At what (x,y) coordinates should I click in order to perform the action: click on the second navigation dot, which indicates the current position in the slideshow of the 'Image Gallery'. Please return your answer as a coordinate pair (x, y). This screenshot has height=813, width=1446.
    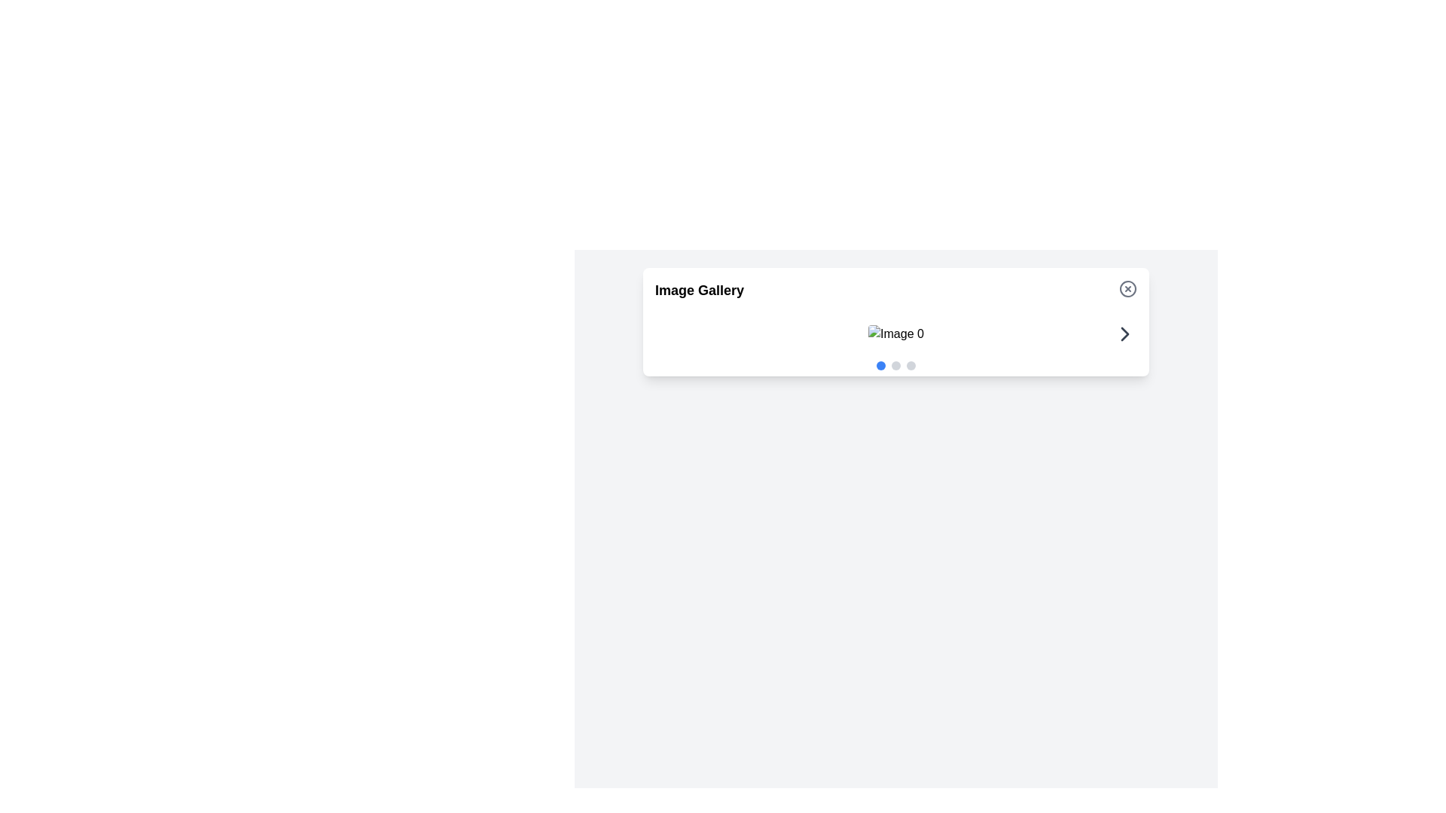
    Looking at the image, I should click on (896, 366).